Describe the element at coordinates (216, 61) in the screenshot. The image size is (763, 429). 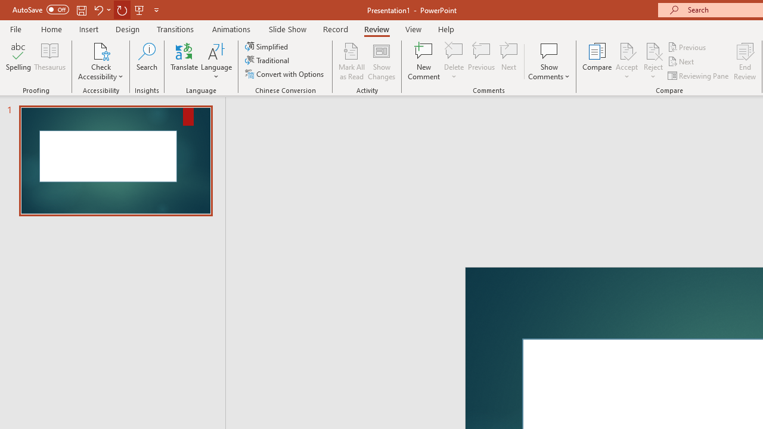
I see `'Language'` at that location.